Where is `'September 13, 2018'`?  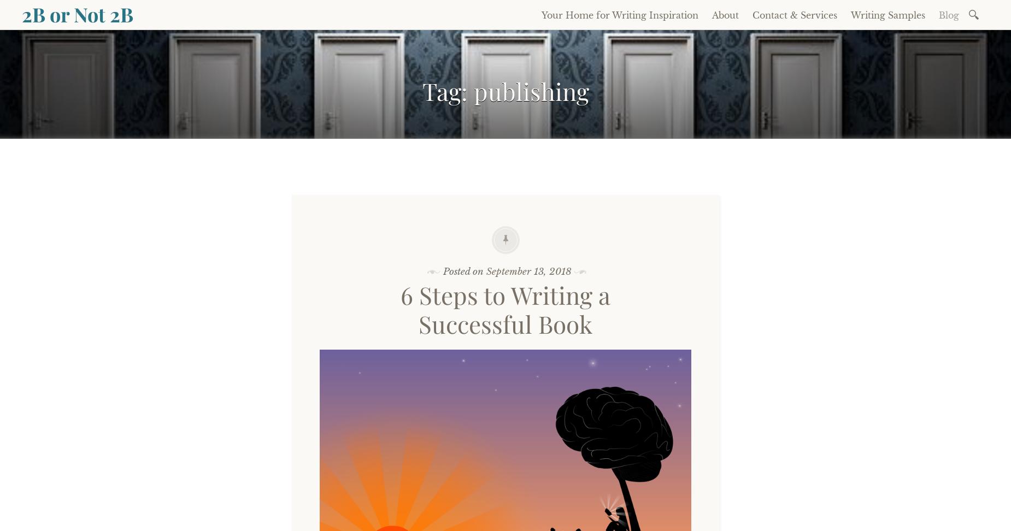 'September 13, 2018' is located at coordinates (527, 271).